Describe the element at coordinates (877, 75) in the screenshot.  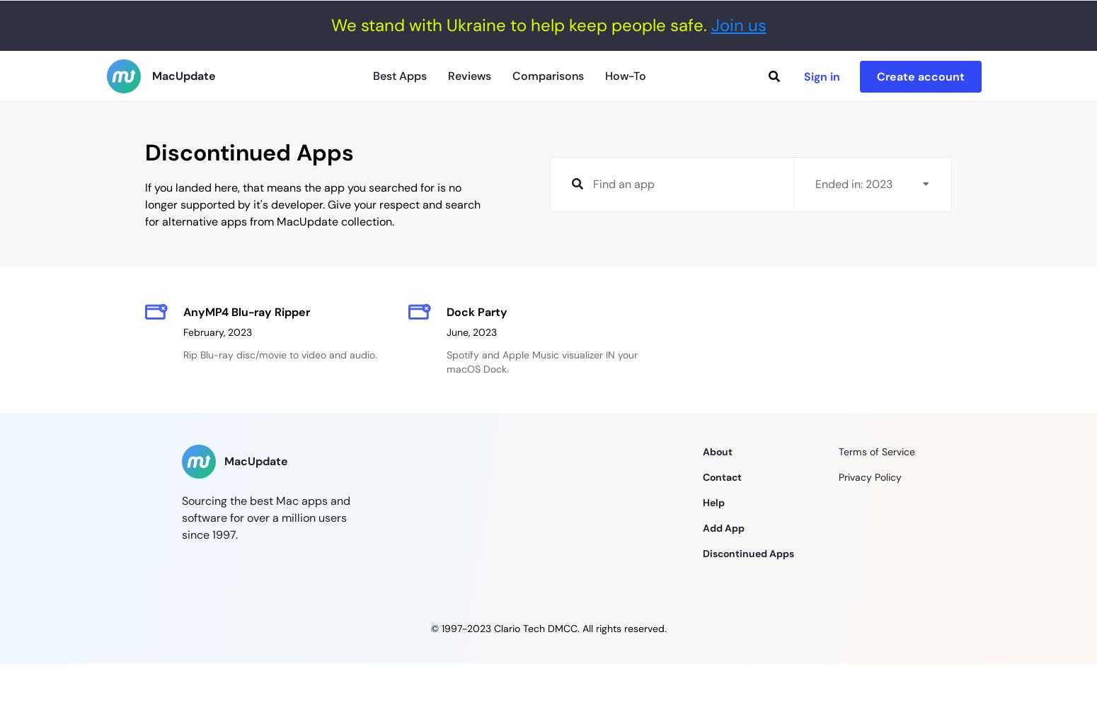
I see `'Create account'` at that location.